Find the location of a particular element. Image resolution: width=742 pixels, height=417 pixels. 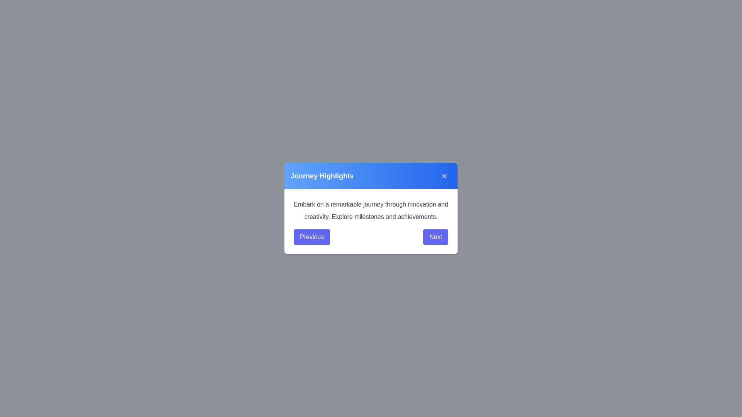

the Static text block that reads 'Embark on a remarkable journey through innovation and creativity. Explore milestones and achievements.' within the 'Journey Highlights' modal dialog is located at coordinates (371, 222).